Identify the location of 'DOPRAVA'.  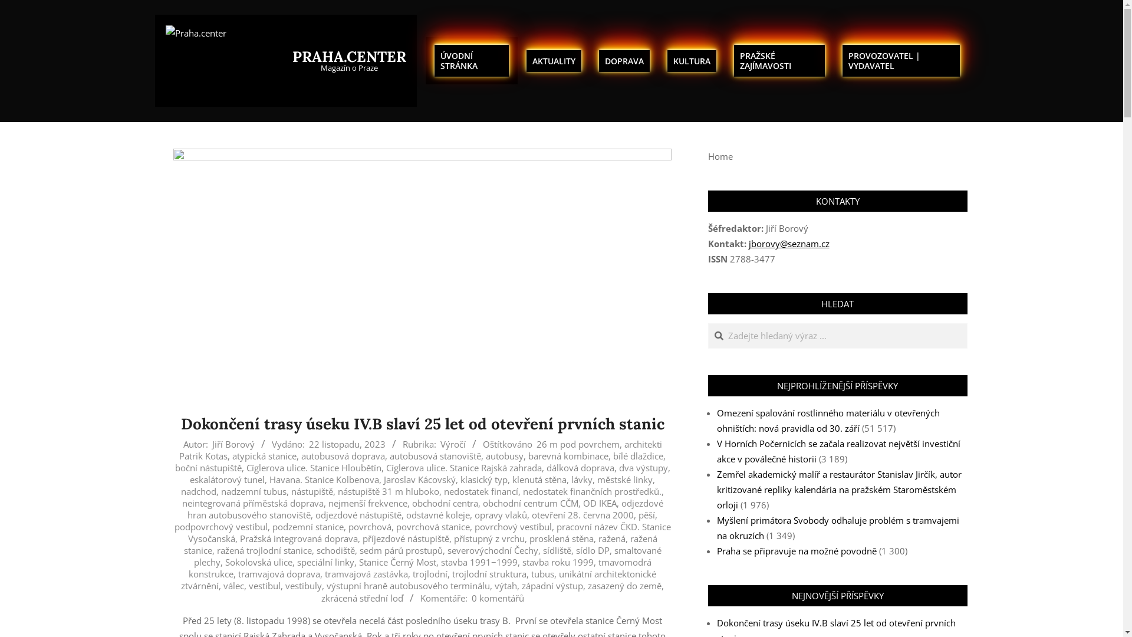
(624, 61).